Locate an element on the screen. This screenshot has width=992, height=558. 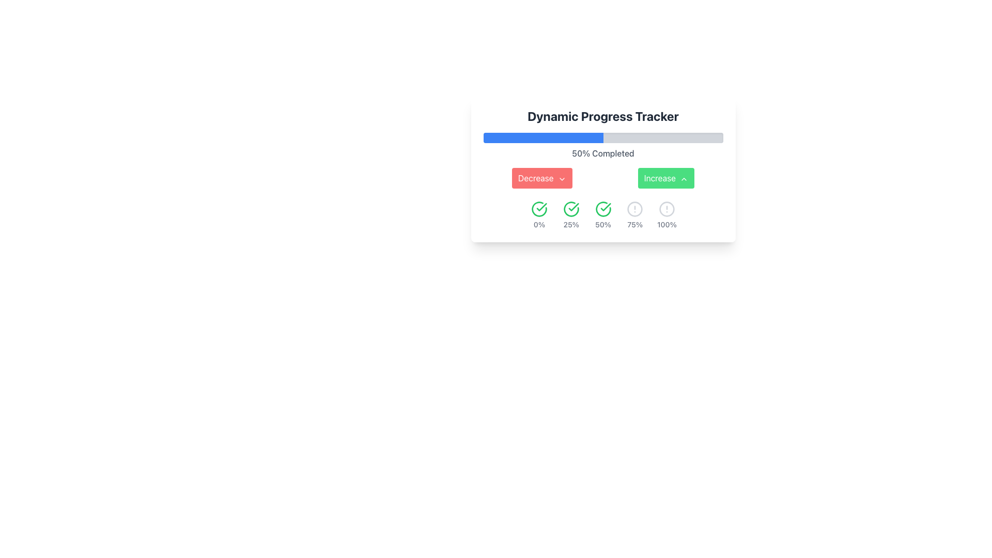
the green 'Increase' button containing the upward arrow chevron icon is located at coordinates (684, 178).